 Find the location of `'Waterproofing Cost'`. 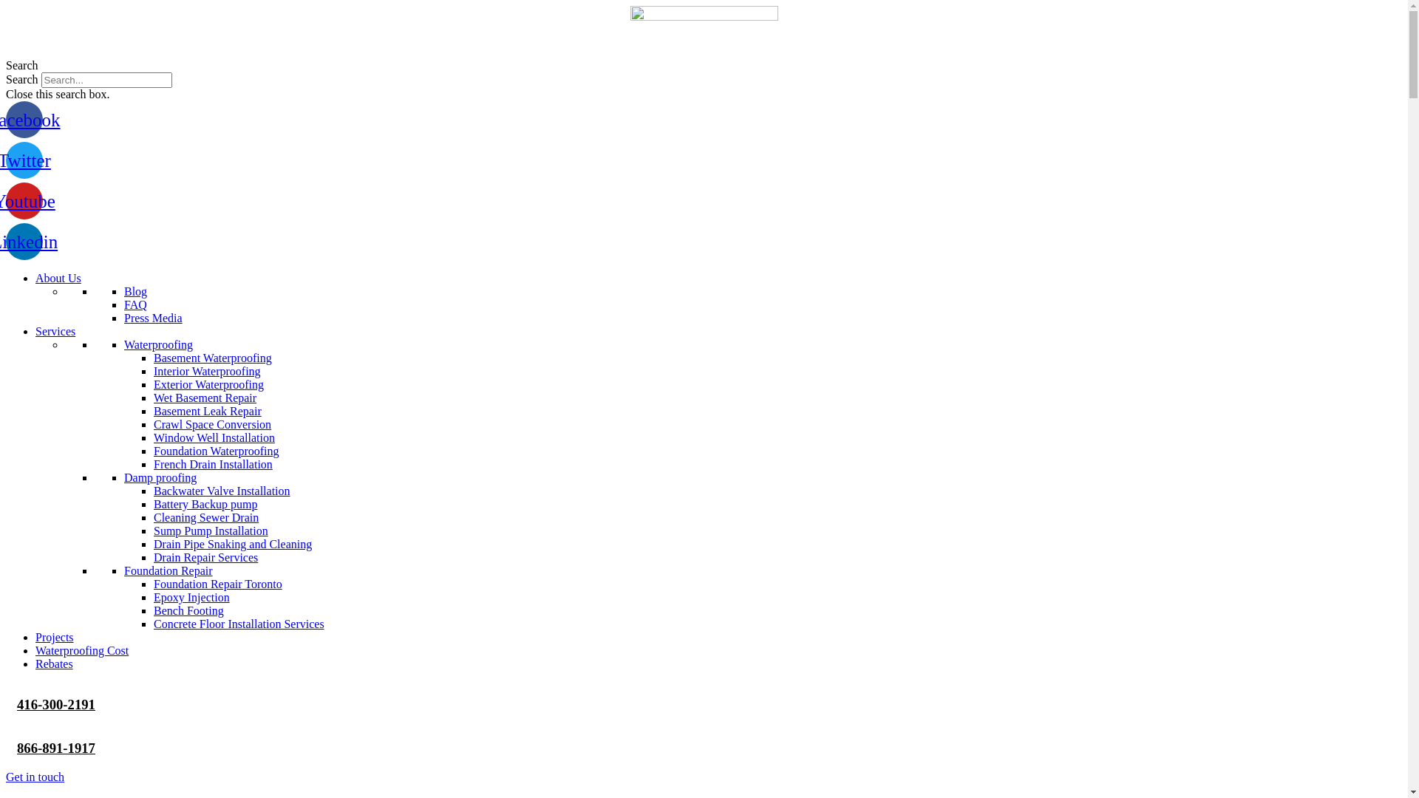

'Waterproofing Cost' is located at coordinates (81, 649).